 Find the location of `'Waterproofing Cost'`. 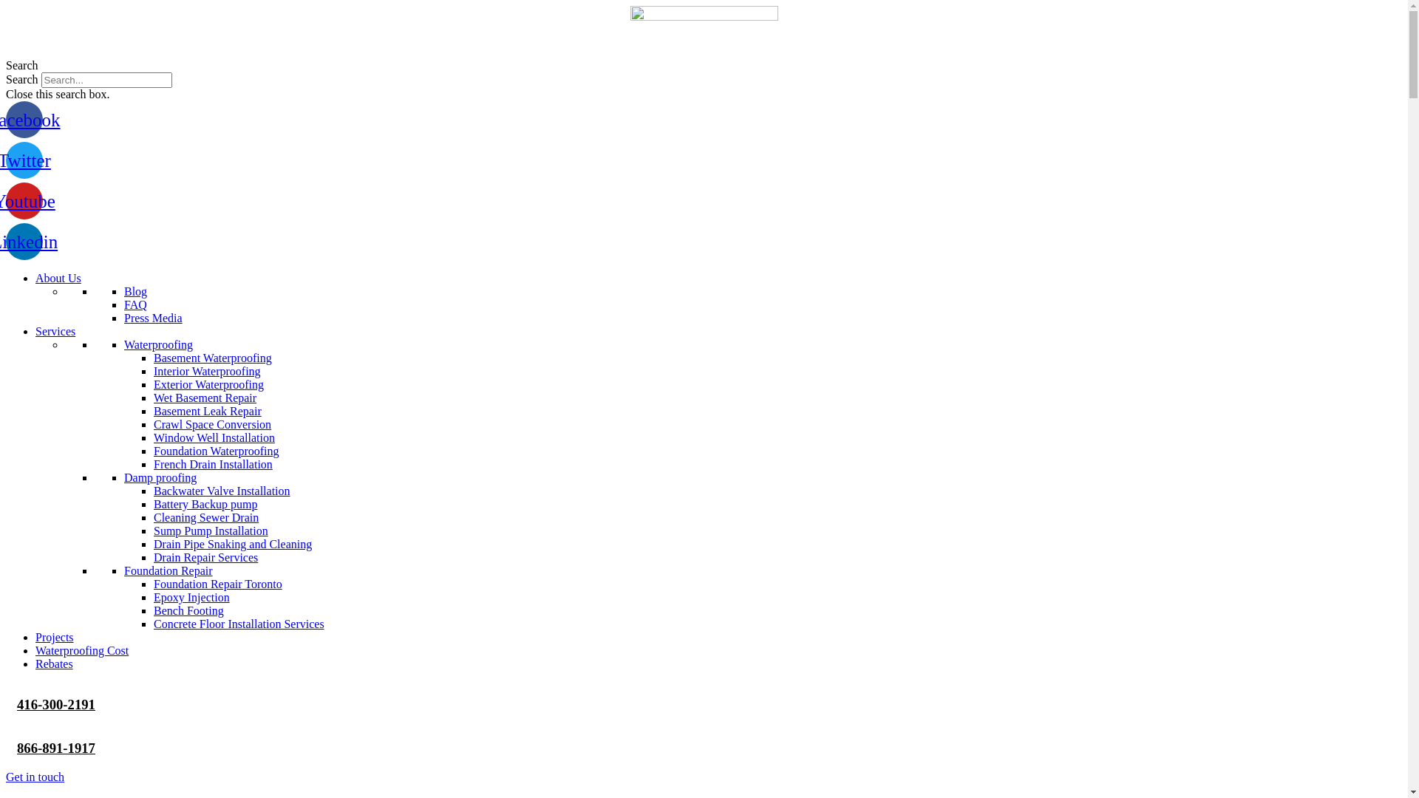

'Waterproofing Cost' is located at coordinates (81, 649).